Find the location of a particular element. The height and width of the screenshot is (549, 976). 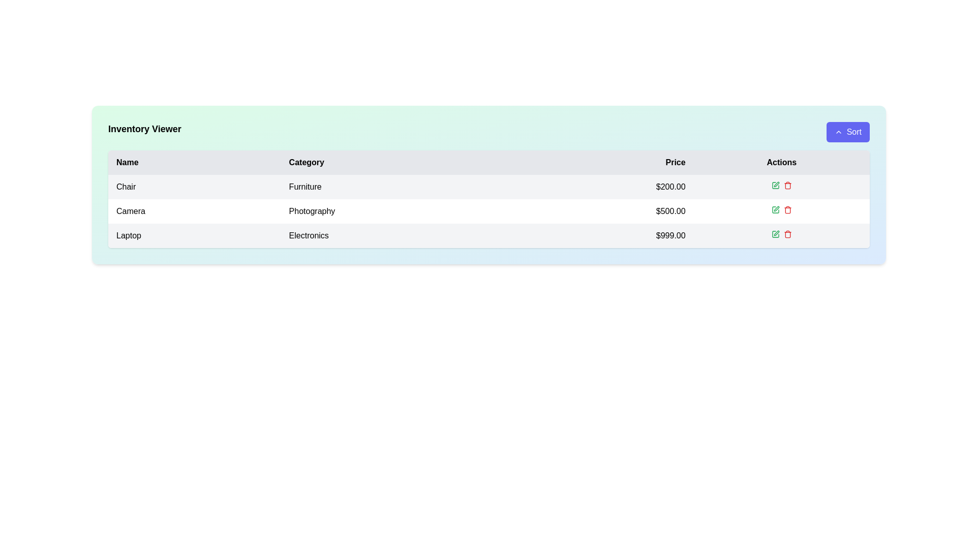

the edit button icon in the 'Actions' column of the first row is located at coordinates (776, 184).